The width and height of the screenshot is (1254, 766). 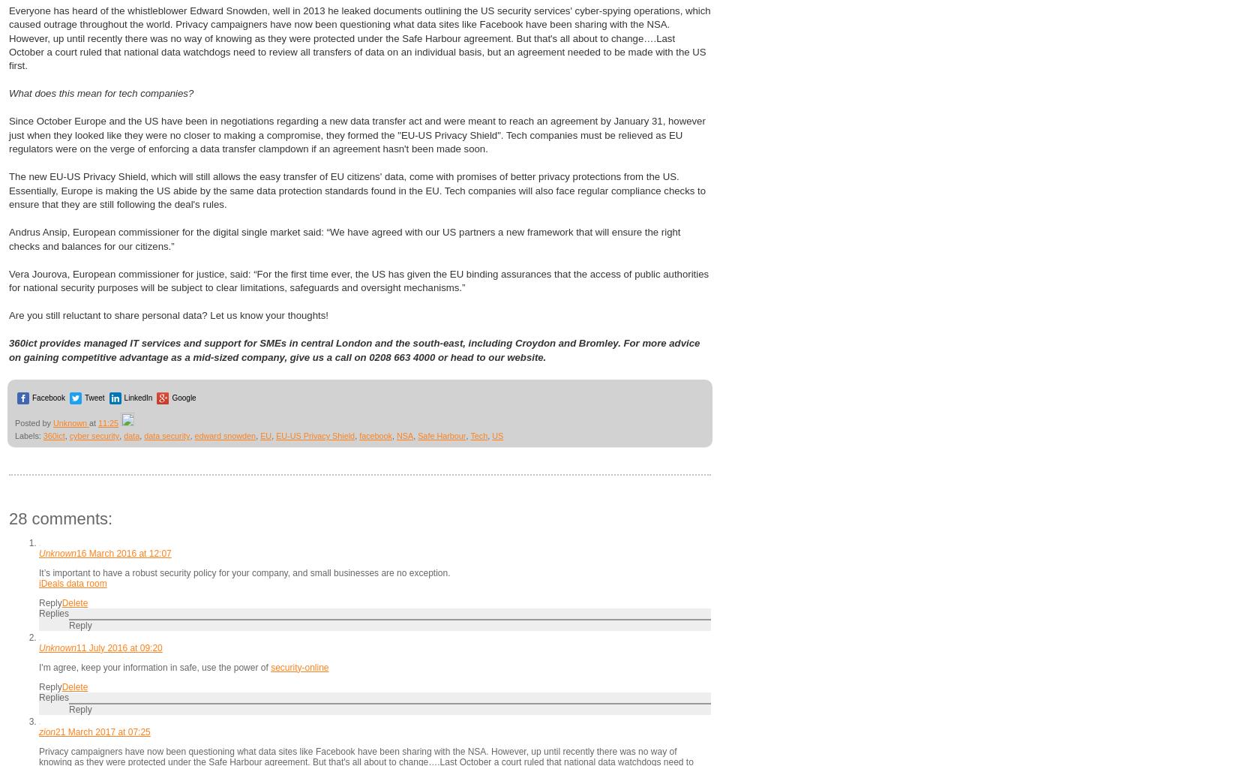 What do you see at coordinates (76, 551) in the screenshot?
I see `'16 March 2016 at 12:07'` at bounding box center [76, 551].